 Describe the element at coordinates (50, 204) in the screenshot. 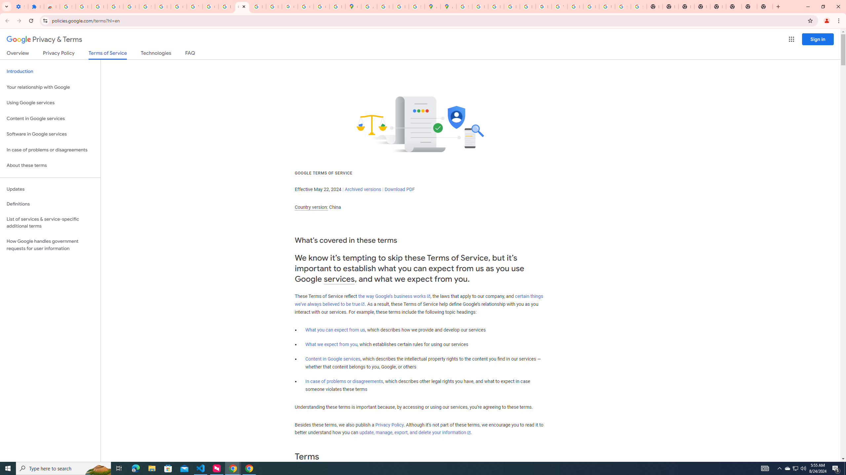

I see `'Definitions'` at that location.